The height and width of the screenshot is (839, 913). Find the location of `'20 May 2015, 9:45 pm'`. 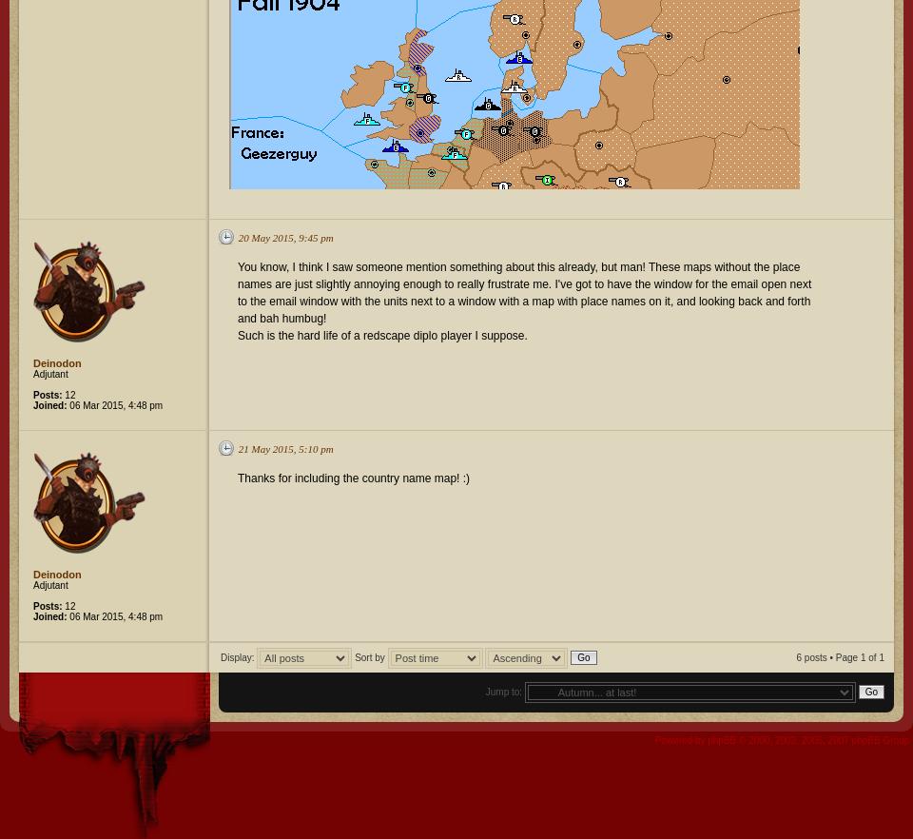

'20 May 2015, 9:45 pm' is located at coordinates (284, 235).